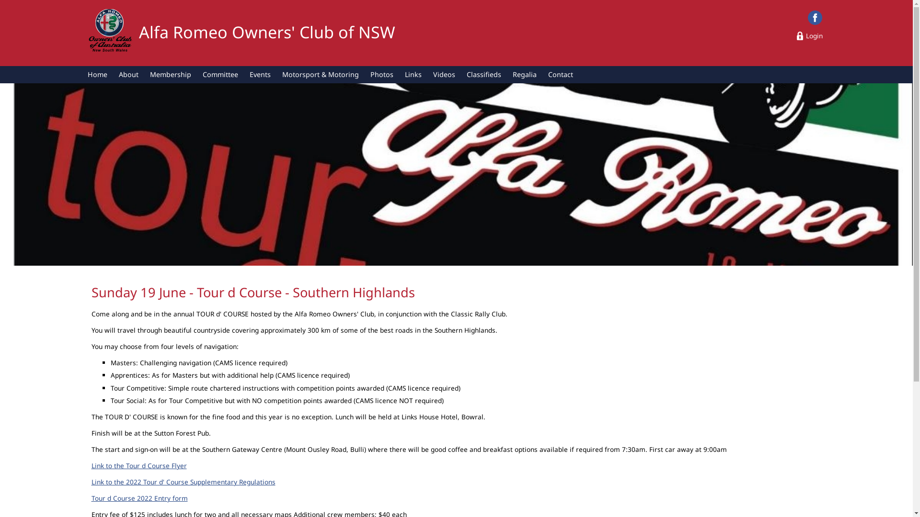 The image size is (920, 517). Describe the element at coordinates (138, 497) in the screenshot. I see `'Tour d Course 2022 Entry form'` at that location.